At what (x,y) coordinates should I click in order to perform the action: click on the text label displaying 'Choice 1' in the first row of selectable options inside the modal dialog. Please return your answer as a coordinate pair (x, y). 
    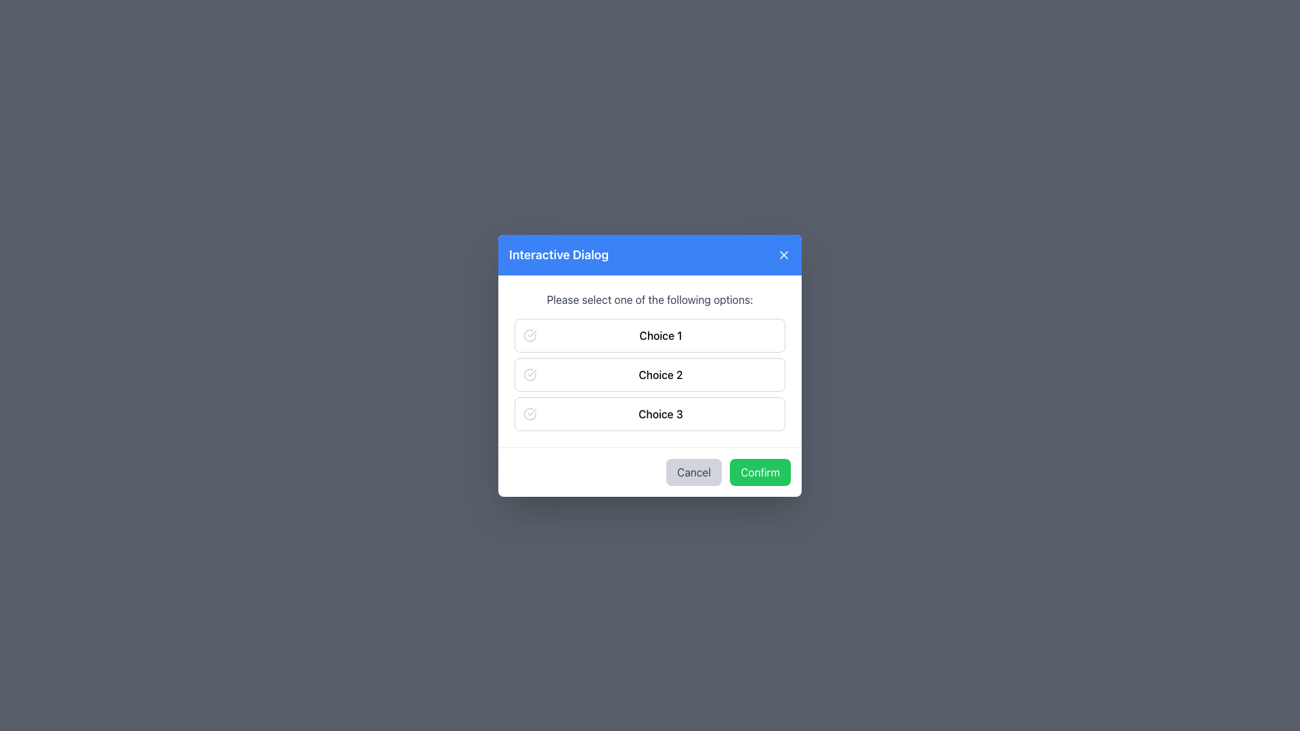
    Looking at the image, I should click on (660, 334).